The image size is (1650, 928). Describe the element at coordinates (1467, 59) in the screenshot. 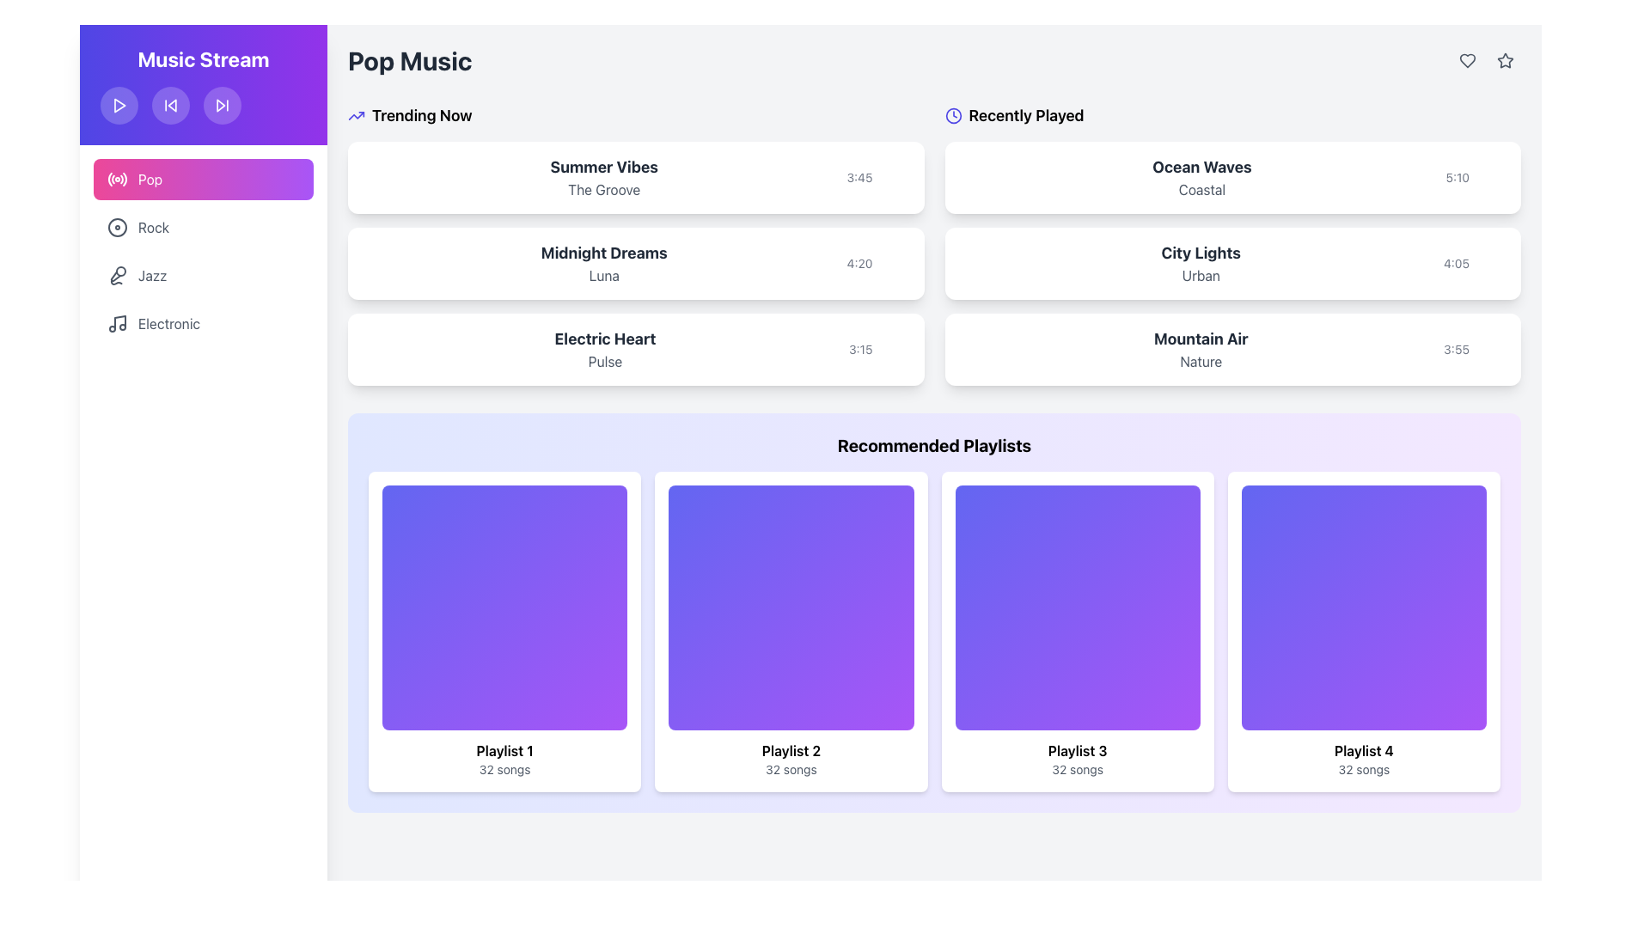

I see `the like or favorite button located in the top-right corner of the interface` at that location.